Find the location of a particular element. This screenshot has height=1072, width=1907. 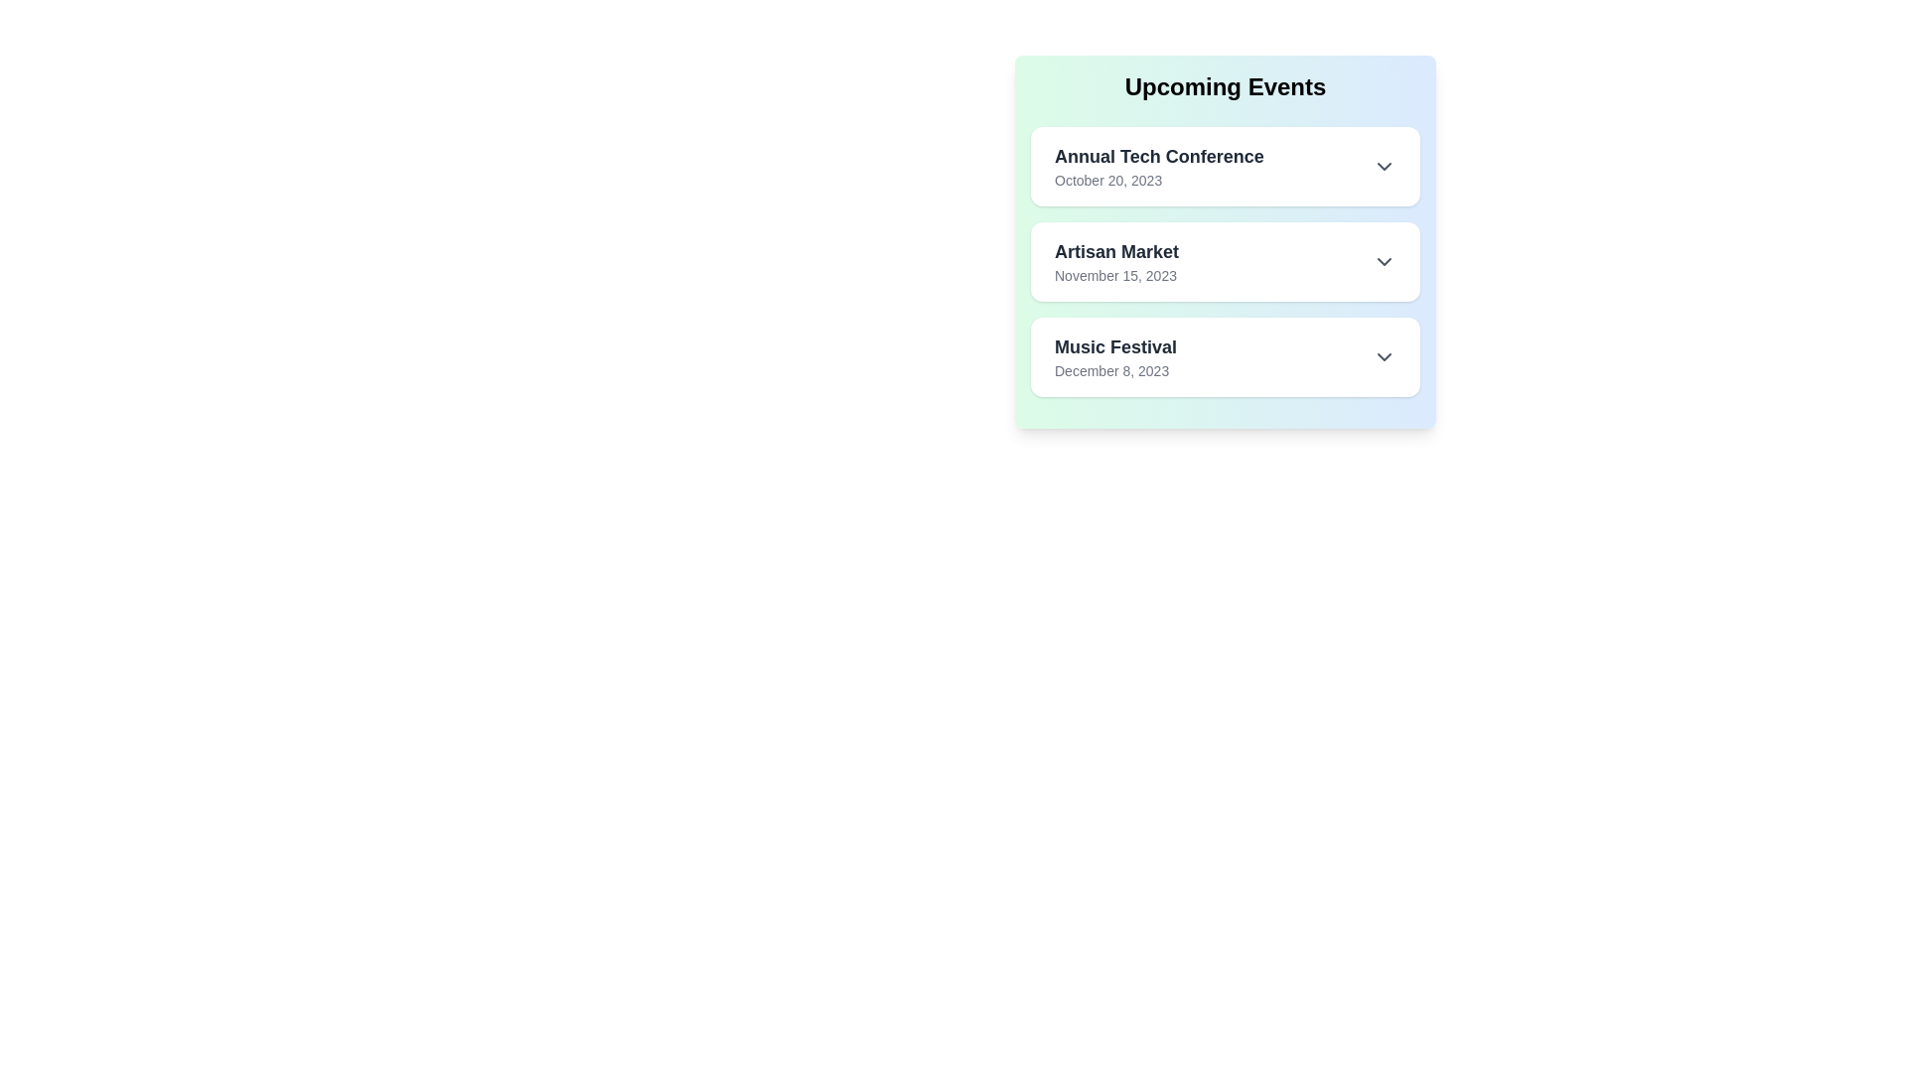

the Text label that provides information about the date of the 'Music Festival' event, located beneath the title text of the event card in the lower portion of the card is located at coordinates (1115, 371).